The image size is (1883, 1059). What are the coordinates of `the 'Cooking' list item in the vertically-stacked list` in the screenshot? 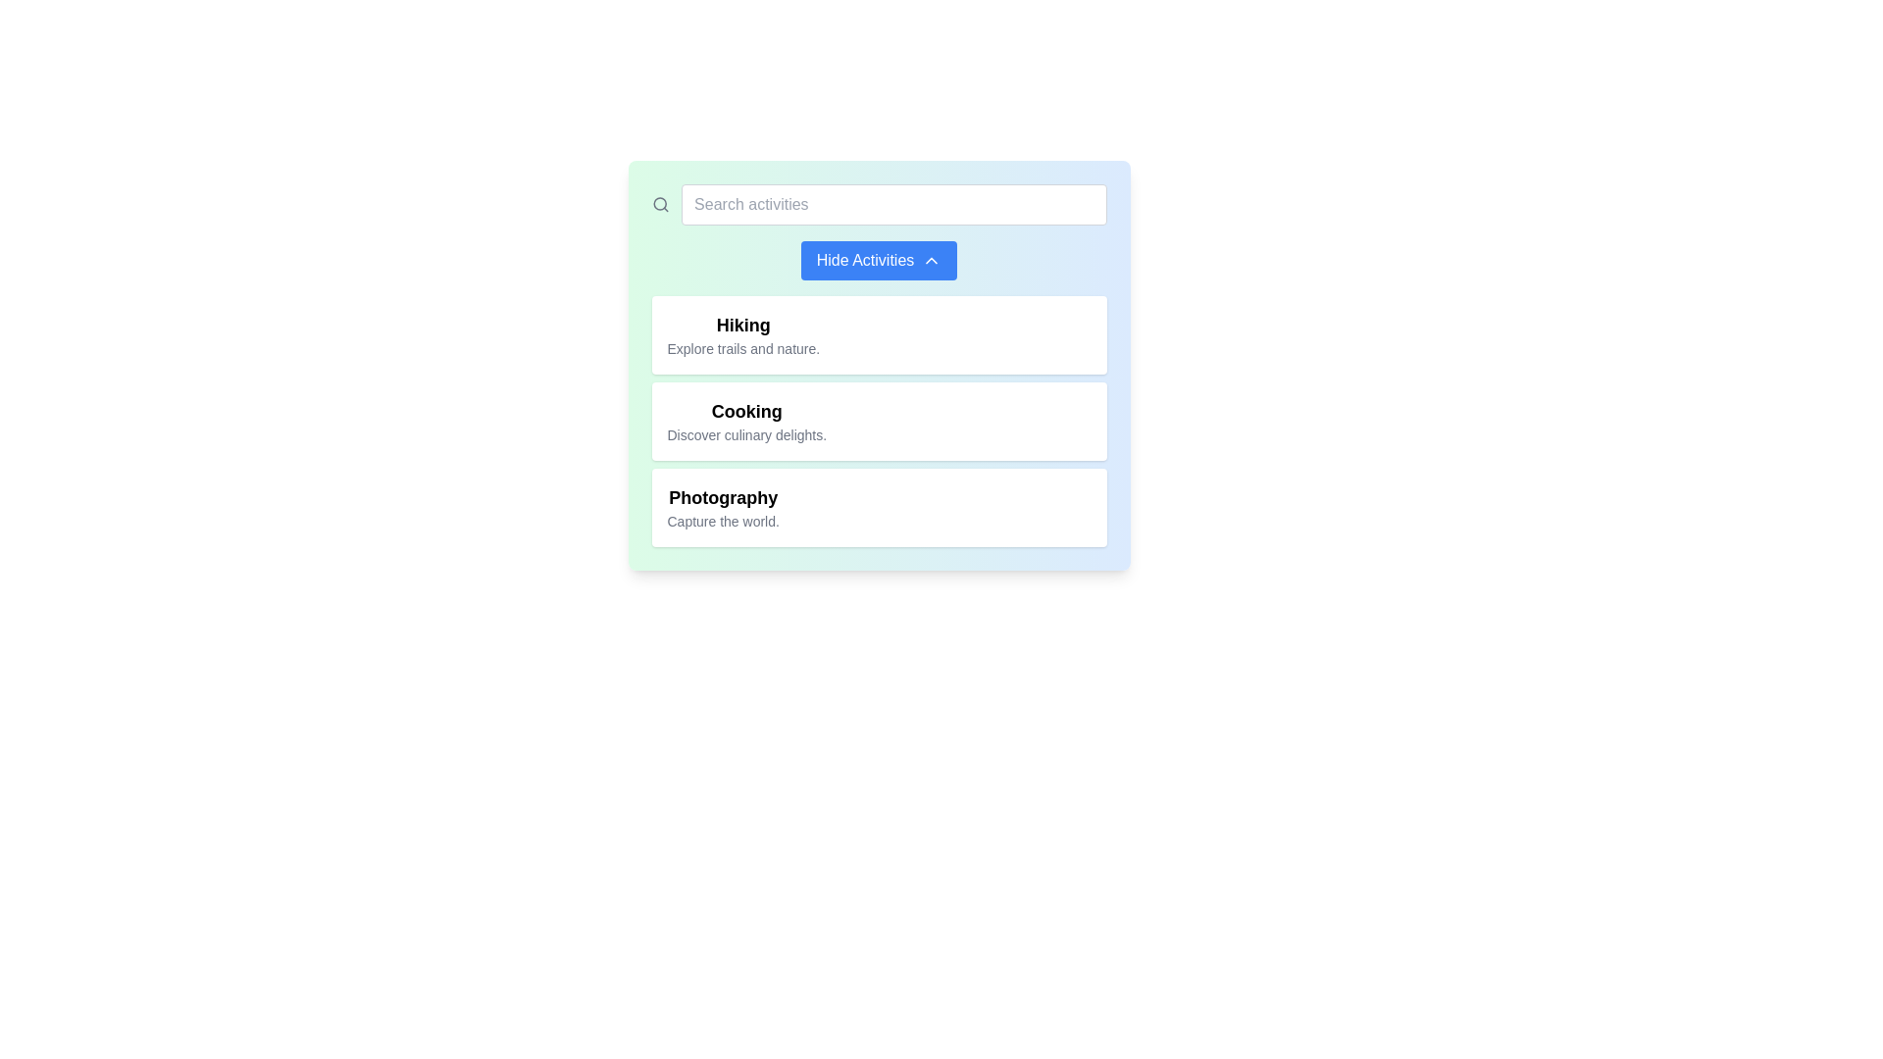 It's located at (878, 420).